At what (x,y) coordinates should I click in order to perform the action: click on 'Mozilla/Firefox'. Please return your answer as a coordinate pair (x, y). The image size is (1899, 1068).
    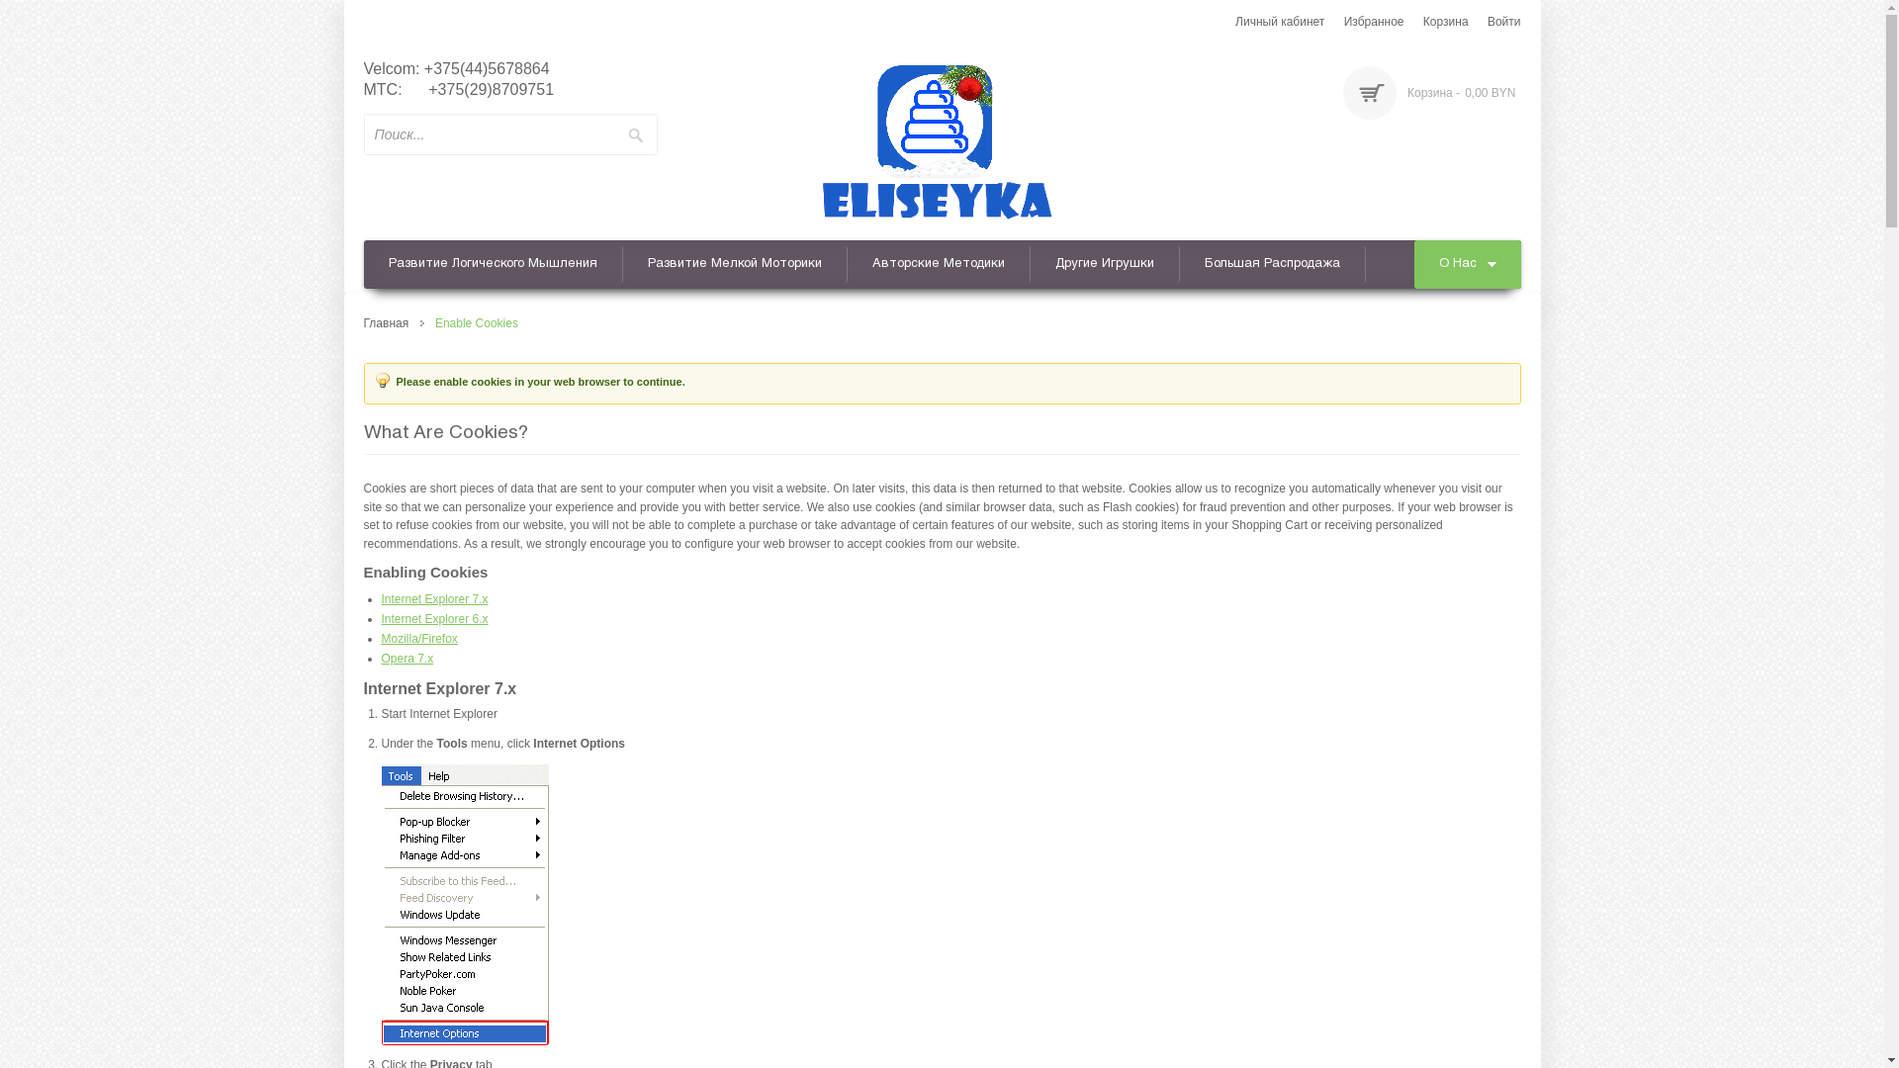
    Looking at the image, I should click on (381, 638).